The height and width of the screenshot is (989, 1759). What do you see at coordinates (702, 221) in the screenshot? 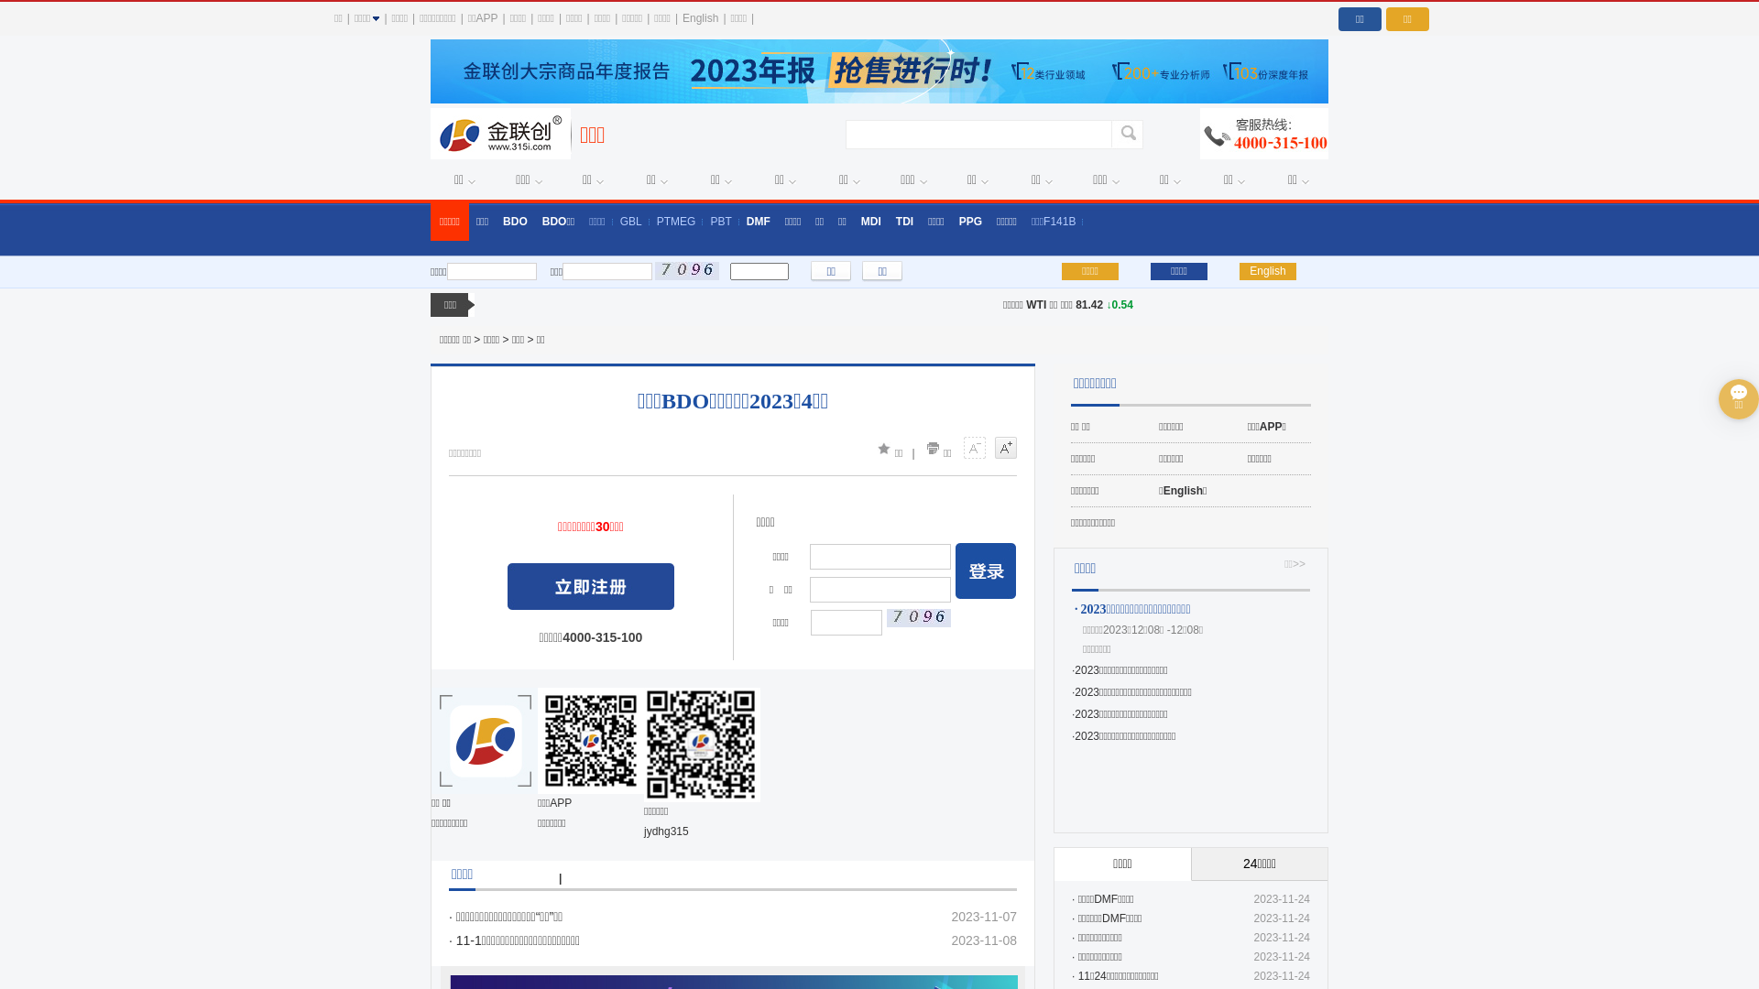
I see `'PBT'` at bounding box center [702, 221].